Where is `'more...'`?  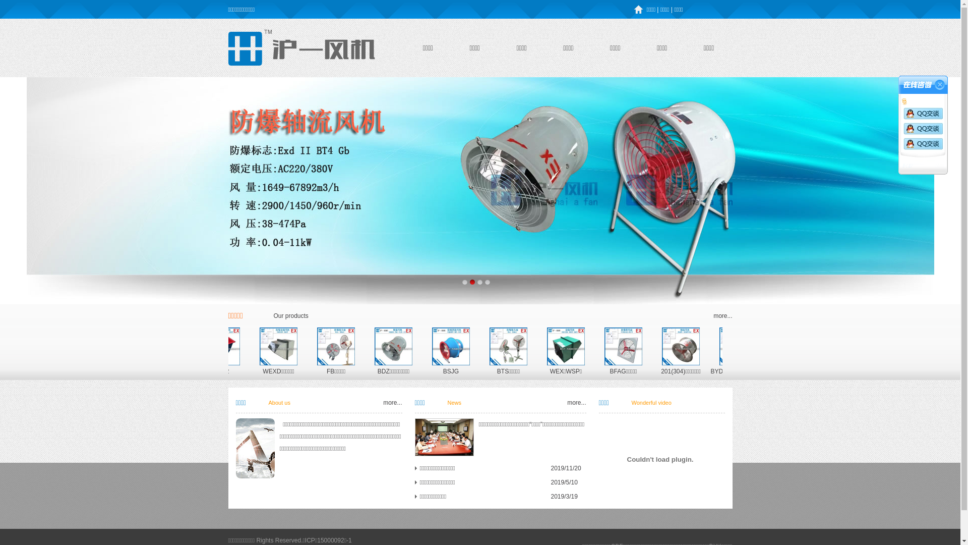
'more...' is located at coordinates (392, 402).